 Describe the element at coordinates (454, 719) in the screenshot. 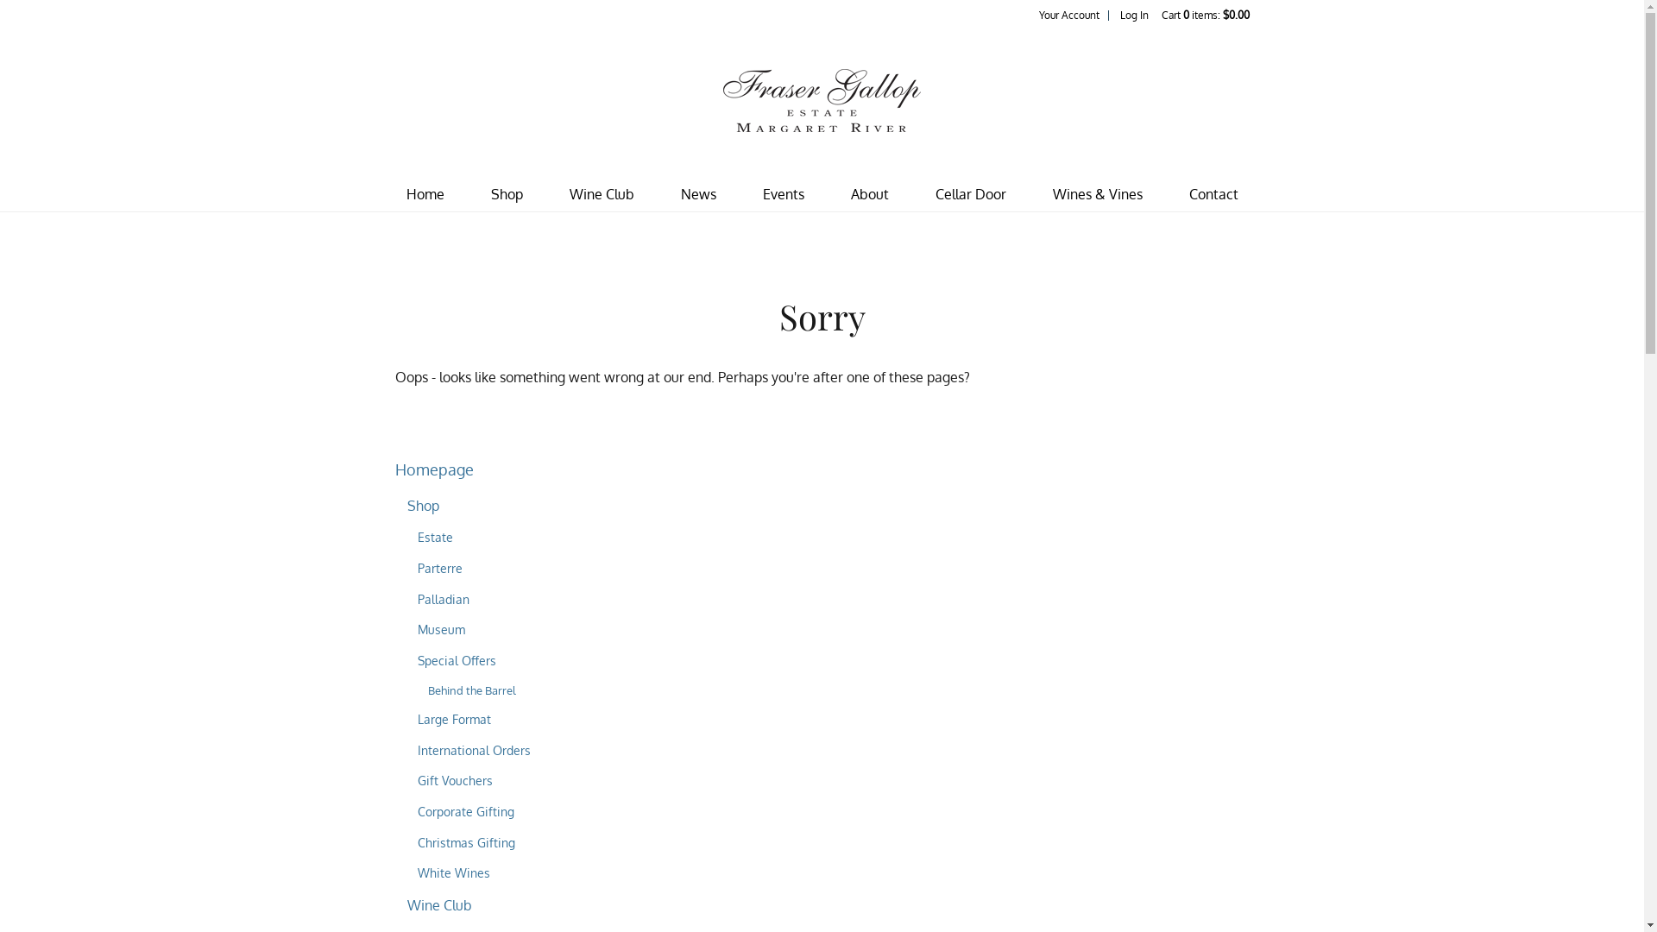

I see `'Large Format'` at that location.